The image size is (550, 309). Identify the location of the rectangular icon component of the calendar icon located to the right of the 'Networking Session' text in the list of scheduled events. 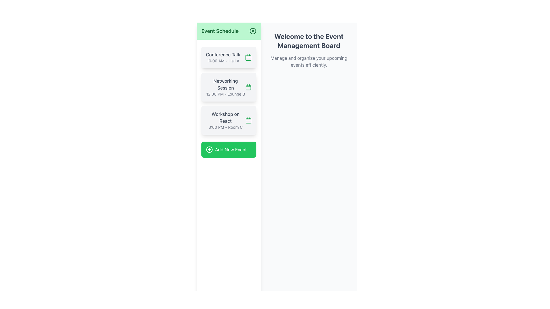
(248, 87).